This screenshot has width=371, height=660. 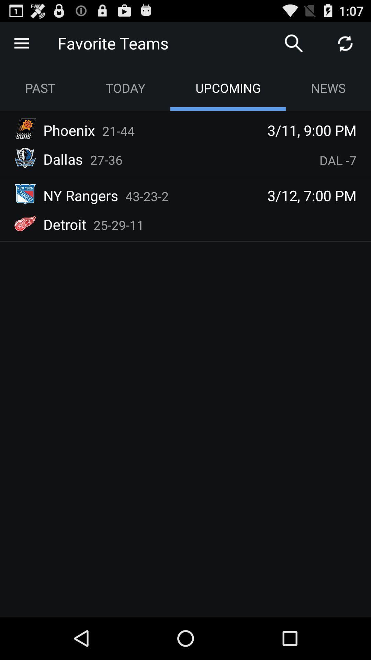 What do you see at coordinates (294, 43) in the screenshot?
I see `search for team` at bounding box center [294, 43].